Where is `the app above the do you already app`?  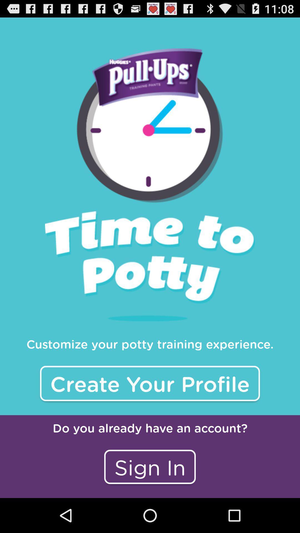
the app above the do you already app is located at coordinates (150, 383).